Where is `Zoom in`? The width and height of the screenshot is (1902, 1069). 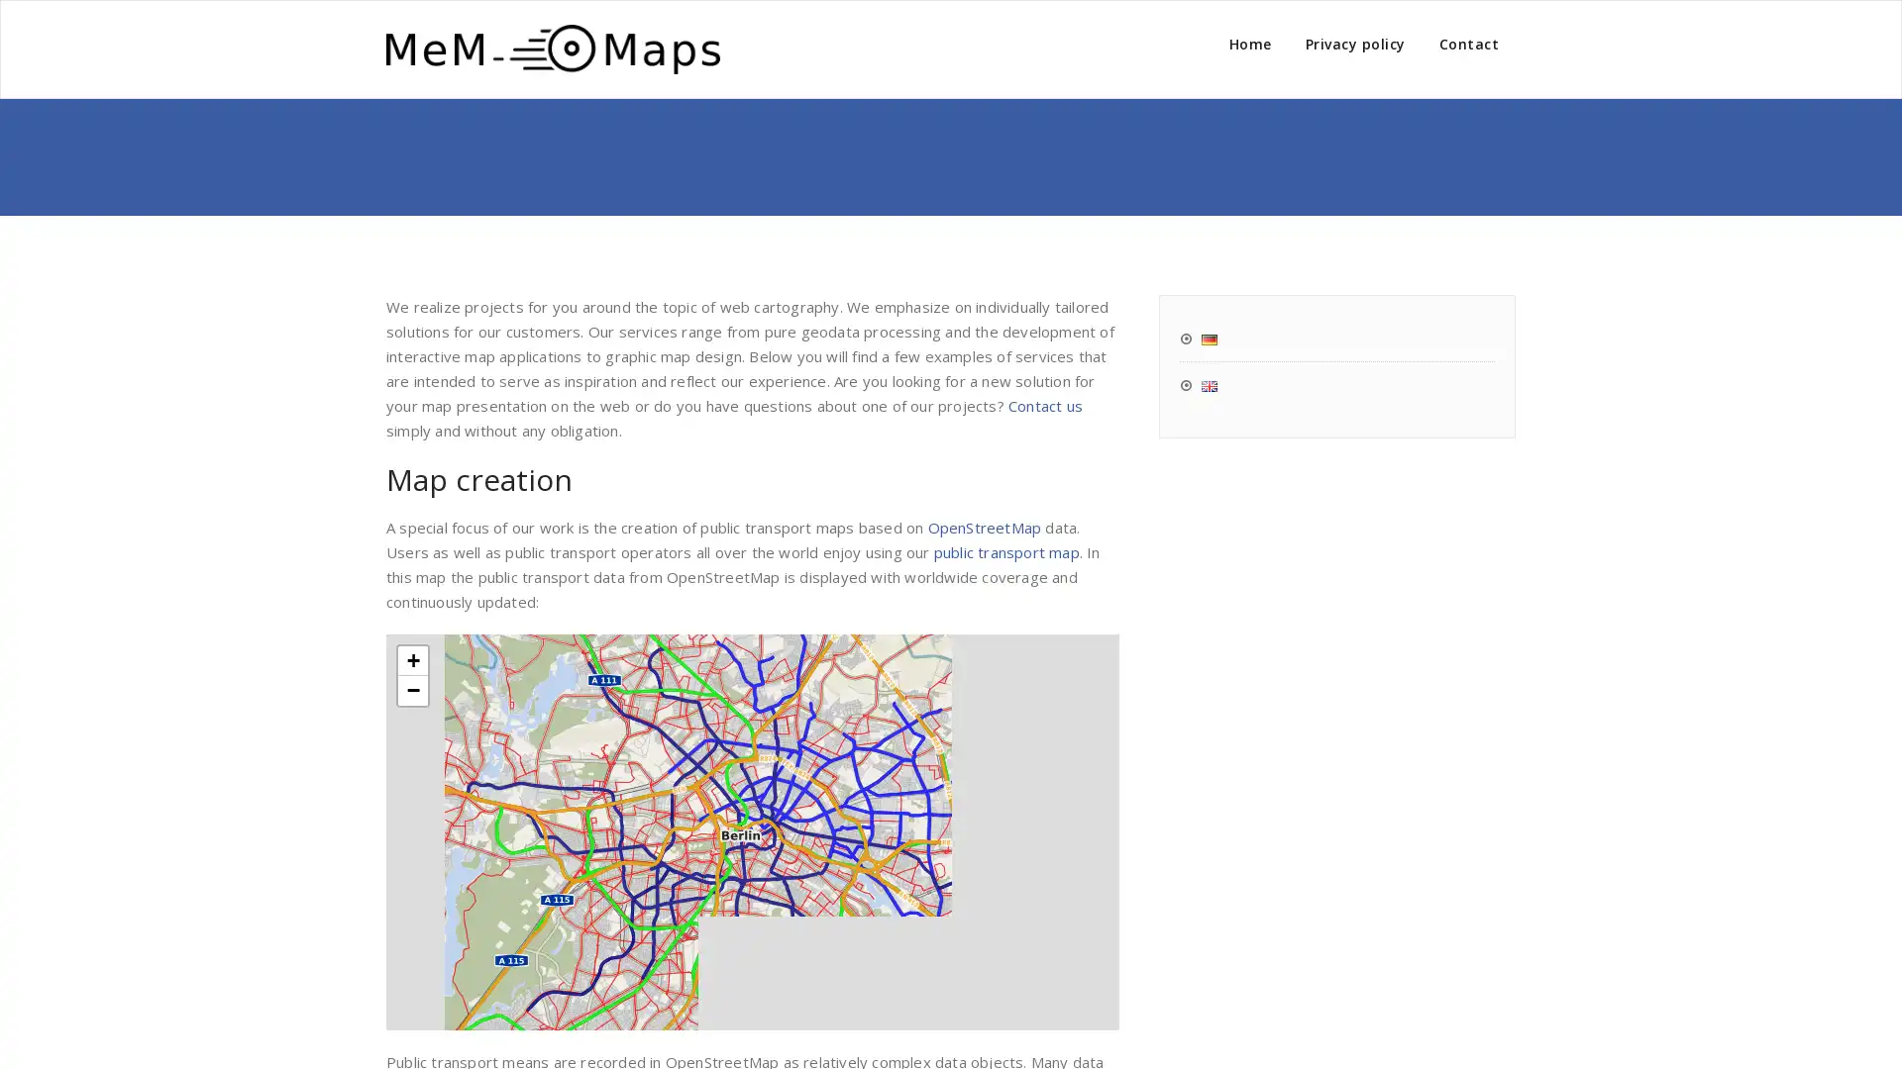 Zoom in is located at coordinates (412, 660).